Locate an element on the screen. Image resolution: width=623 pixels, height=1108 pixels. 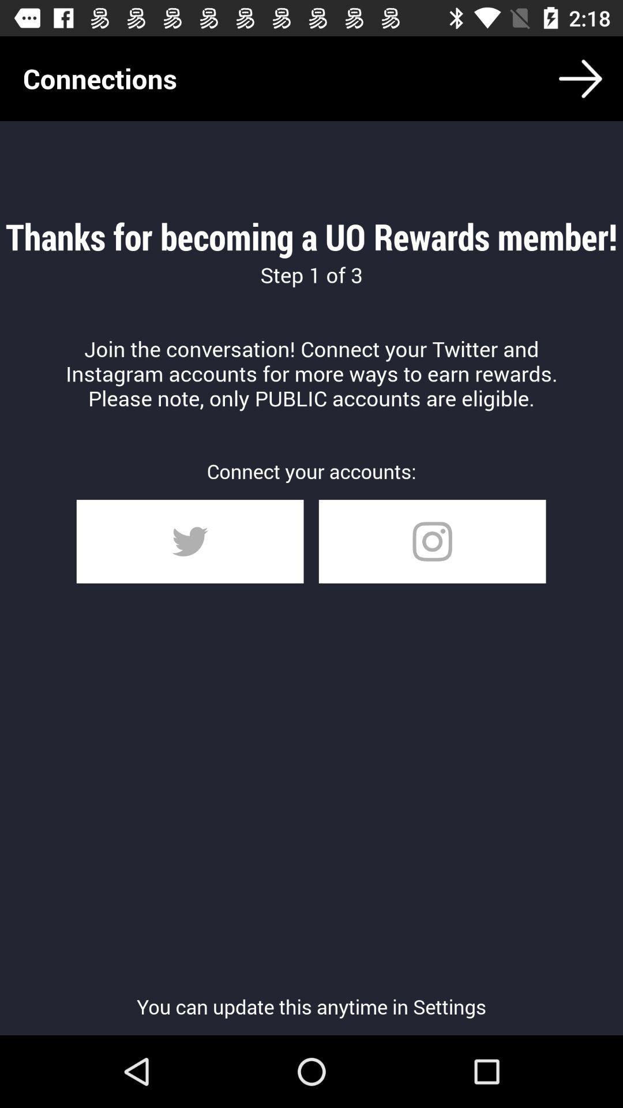
the arrow_forward icon is located at coordinates (580, 78).